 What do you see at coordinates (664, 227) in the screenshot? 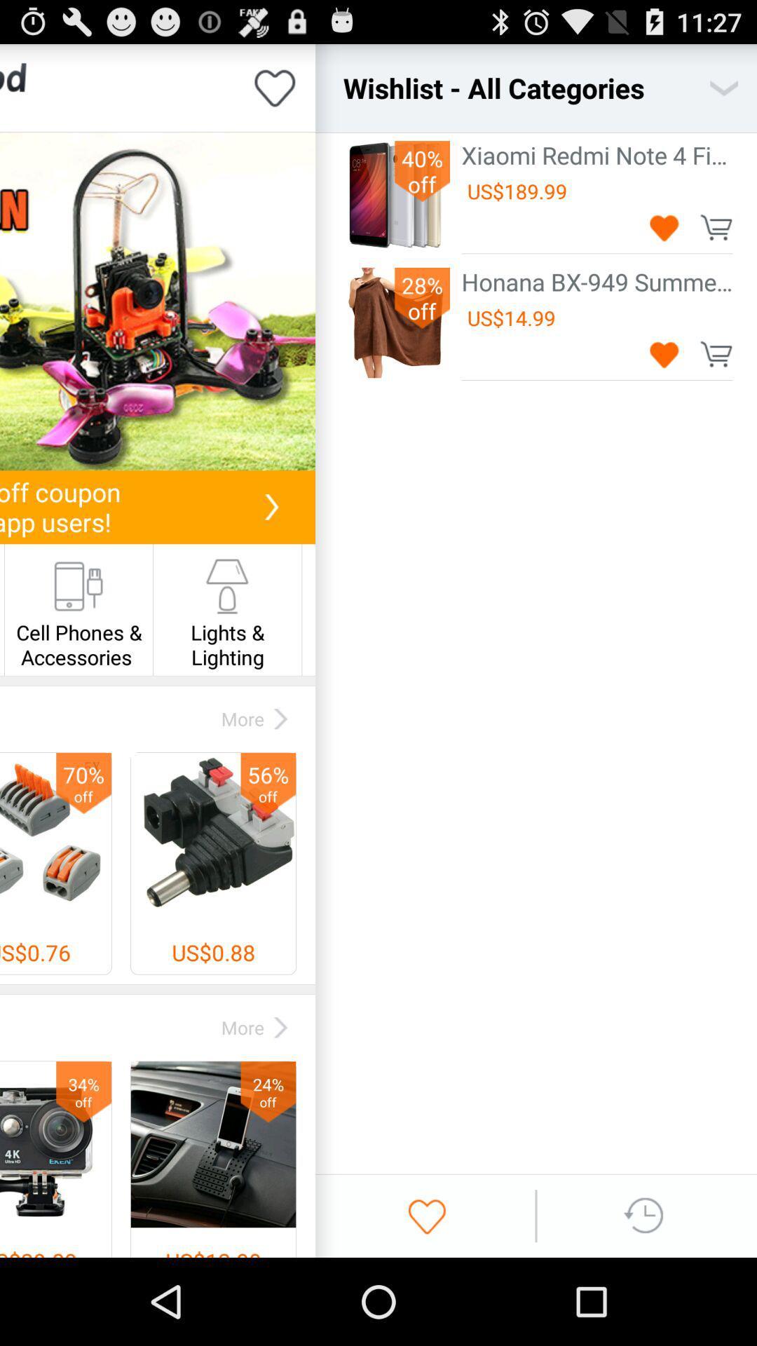
I see `item to your wishlist` at bounding box center [664, 227].